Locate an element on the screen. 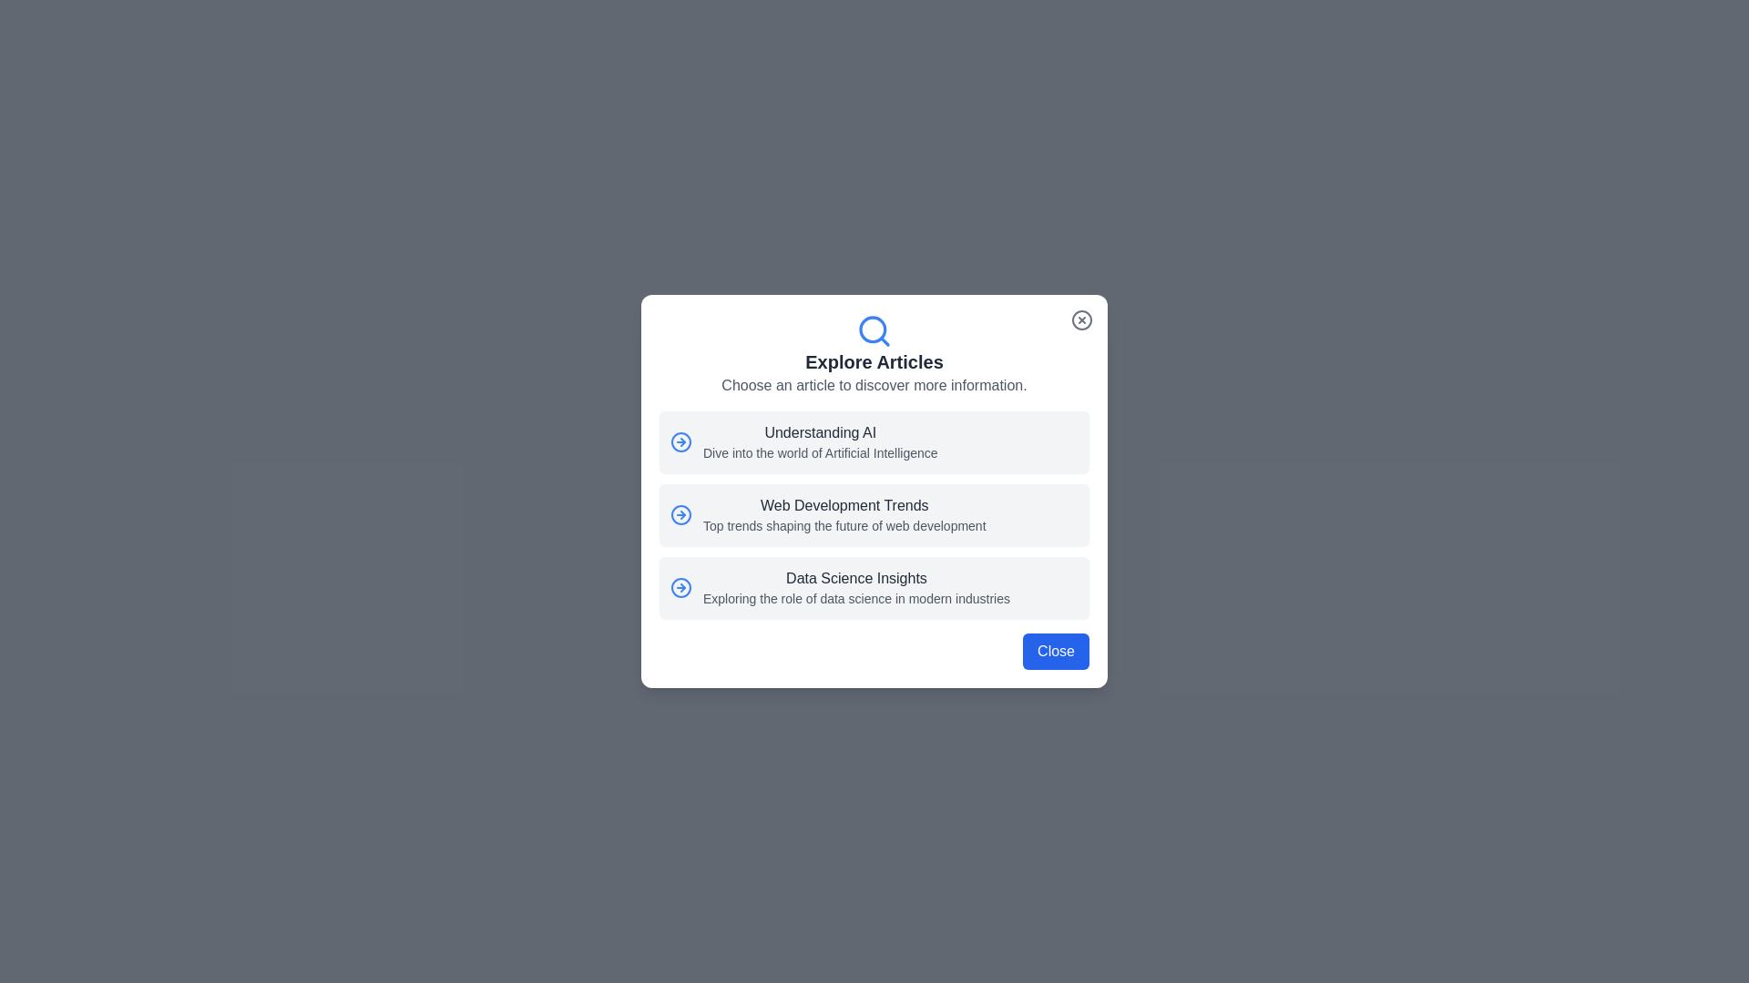 The image size is (1749, 983). the article titled Understanding AI from the list is located at coordinates (874, 442).